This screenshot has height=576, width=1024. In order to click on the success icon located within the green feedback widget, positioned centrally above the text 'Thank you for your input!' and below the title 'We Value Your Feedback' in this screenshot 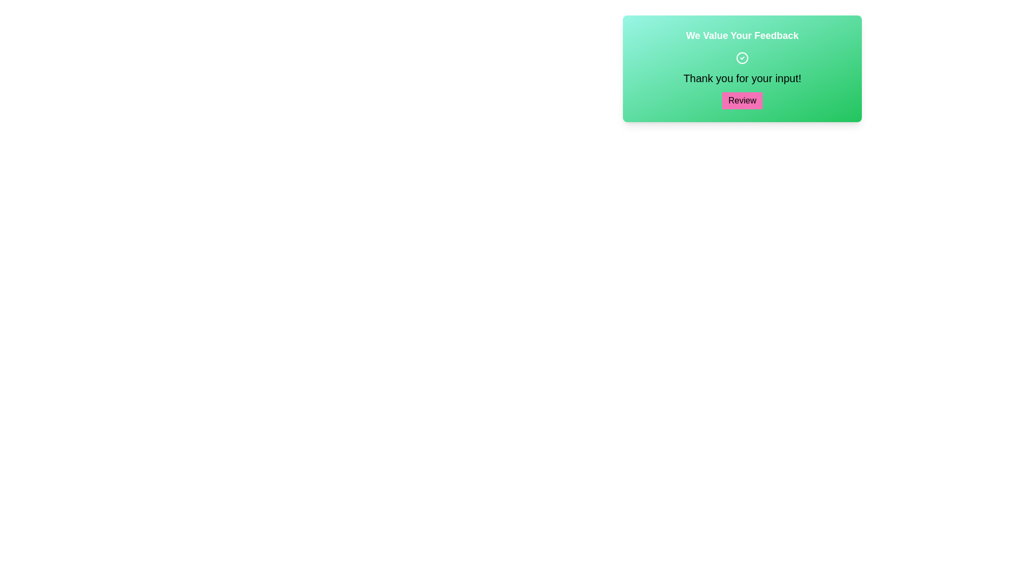, I will do `click(742, 58)`.